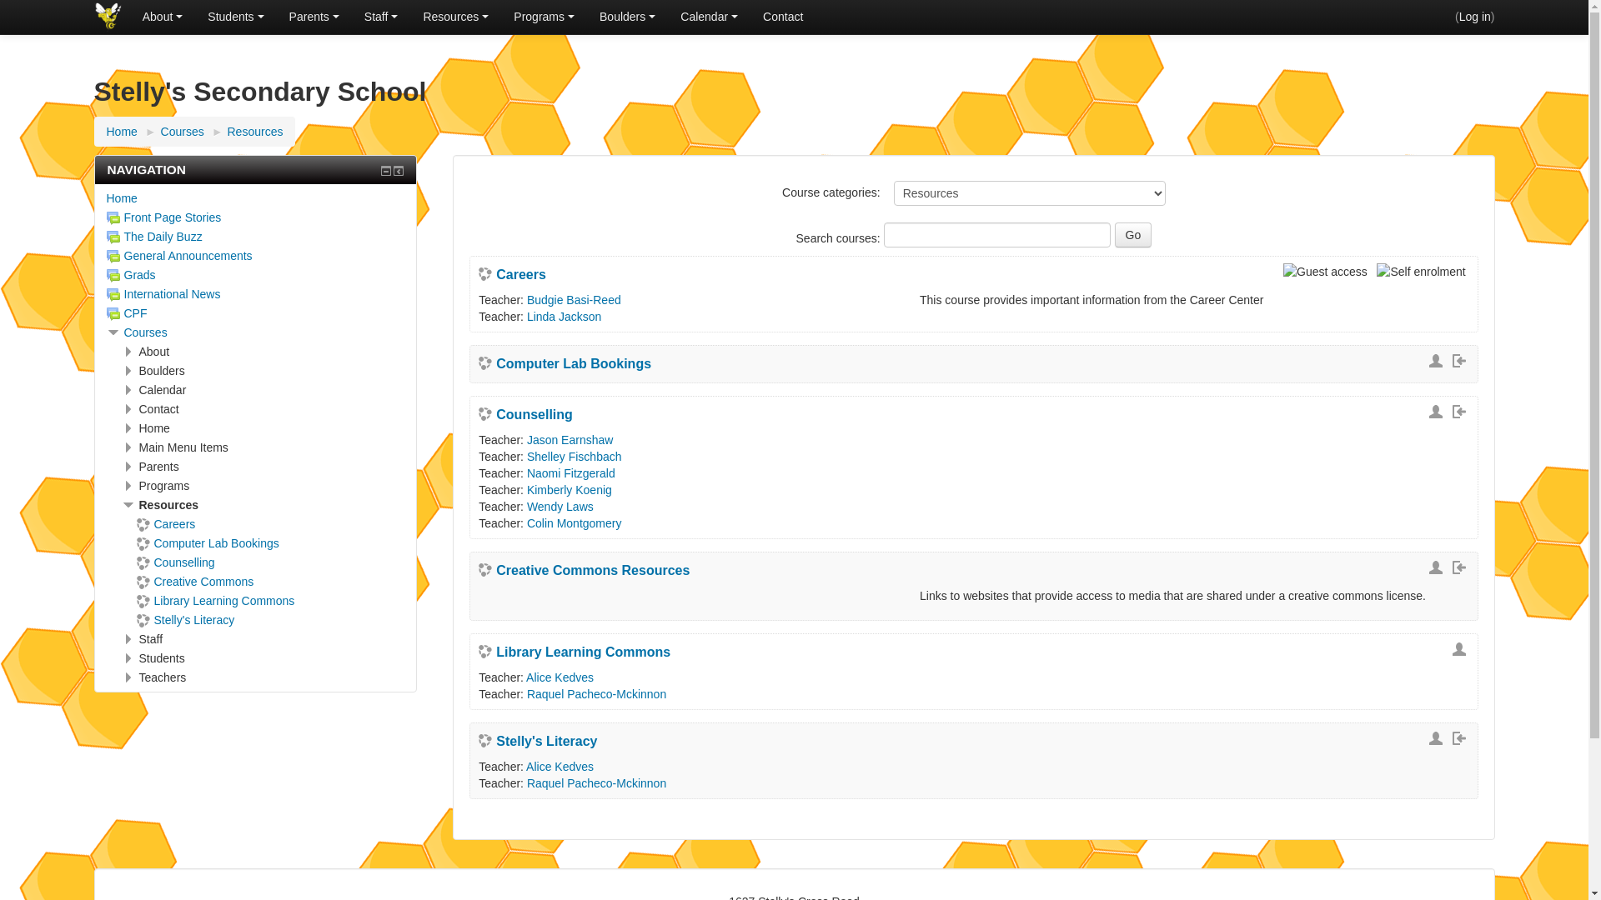 The height and width of the screenshot is (900, 1601). Describe the element at coordinates (276, 16) in the screenshot. I see `'Parents'` at that location.